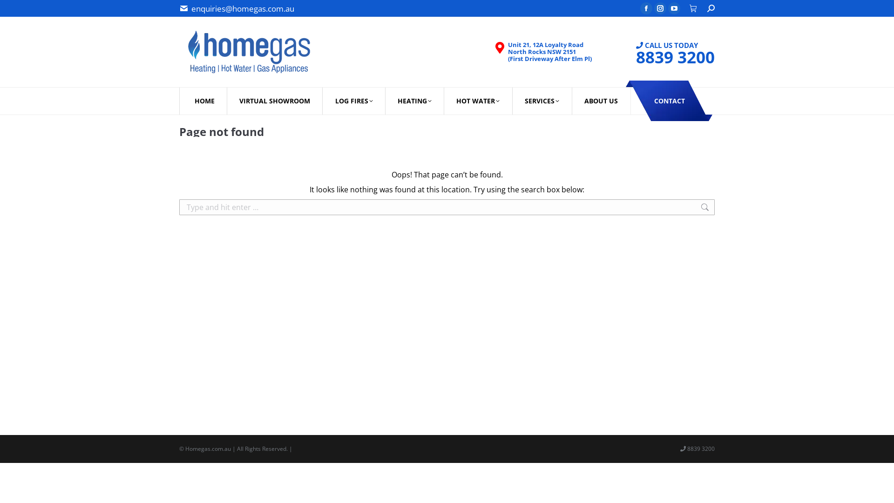 Image resolution: width=894 pixels, height=503 pixels. I want to click on 'Go!', so click(730, 211).